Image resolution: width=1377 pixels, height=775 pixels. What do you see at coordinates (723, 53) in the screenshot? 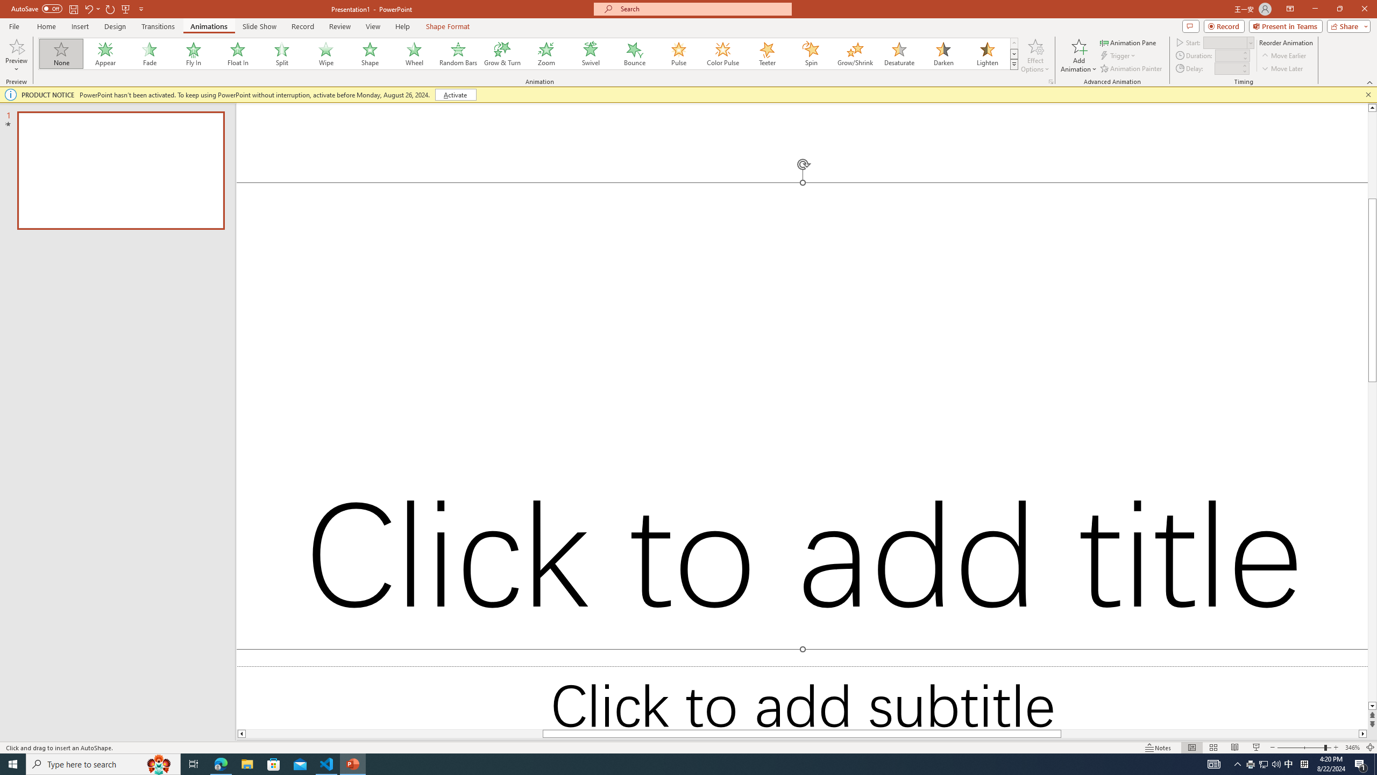
I see `'Color Pulse'` at bounding box center [723, 53].